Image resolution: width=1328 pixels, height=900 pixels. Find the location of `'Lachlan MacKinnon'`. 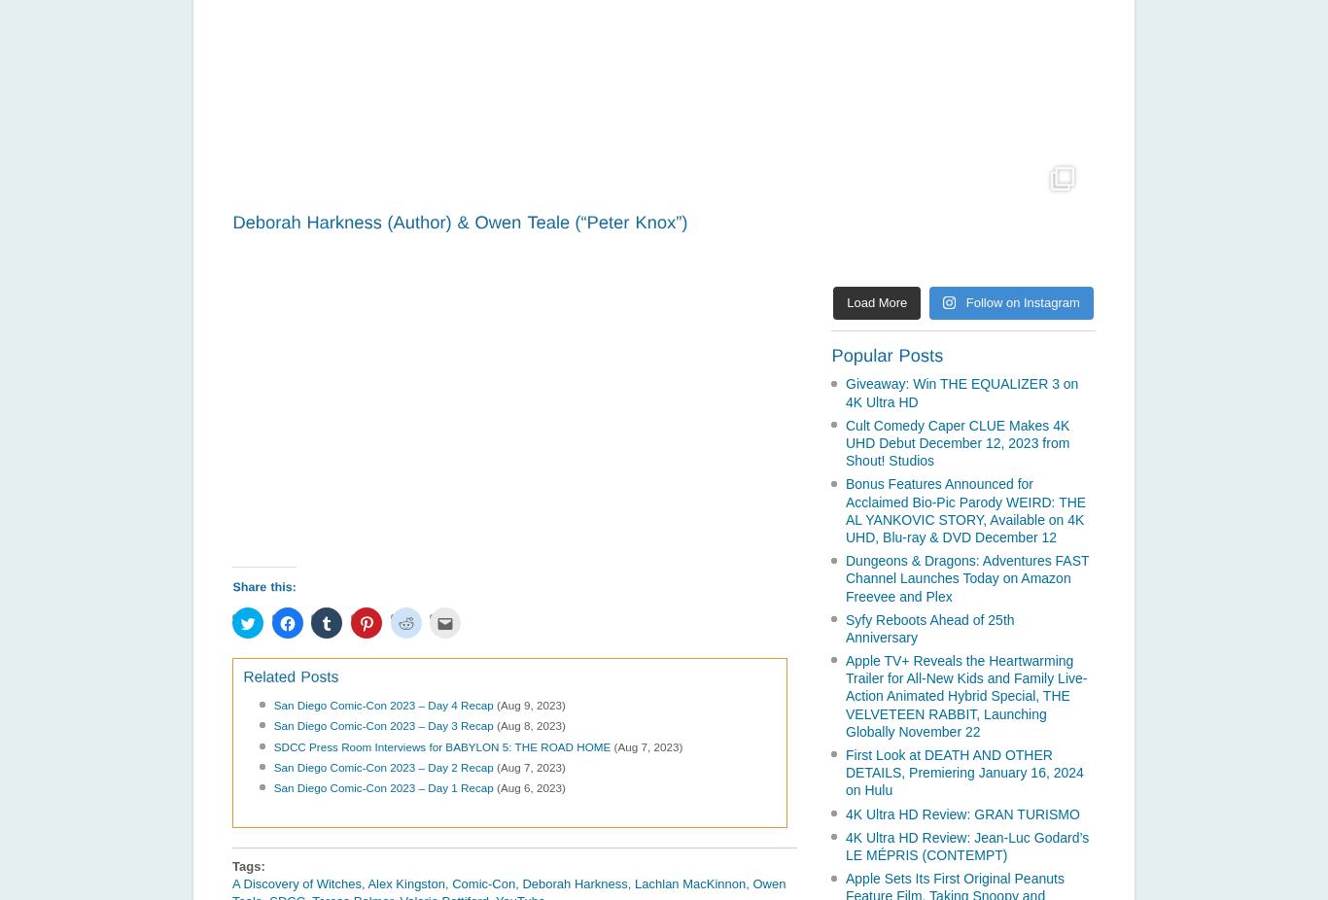

'Lachlan MacKinnon' is located at coordinates (633, 883).